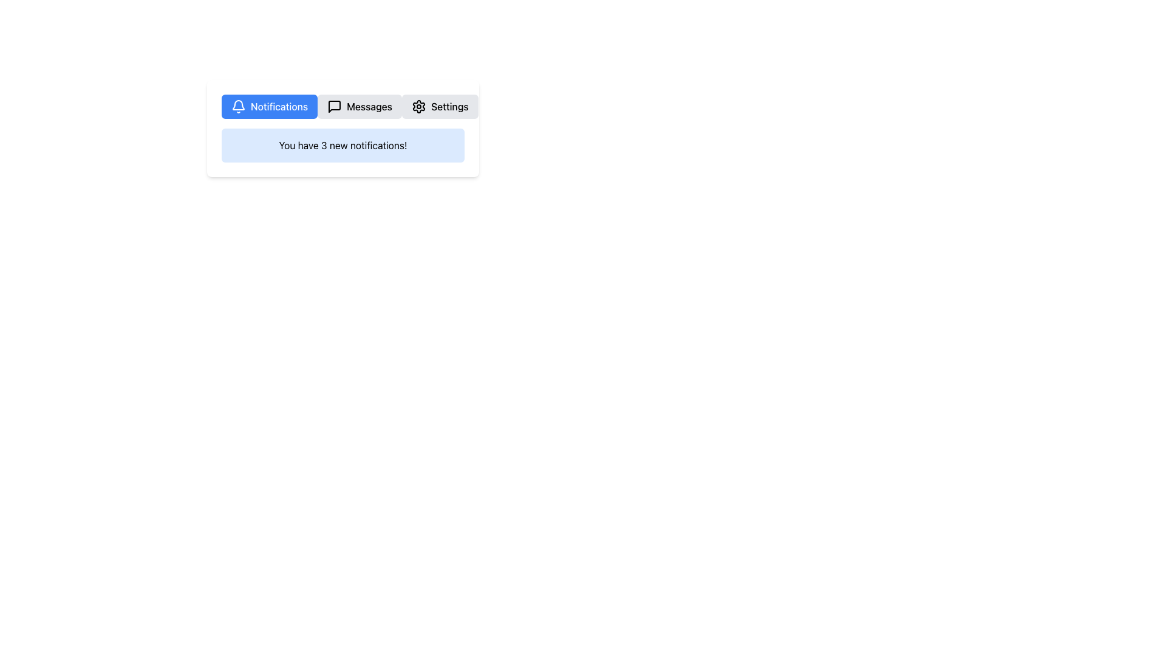  What do you see at coordinates (419, 106) in the screenshot?
I see `the settings icon located to the left of the 'Settings' label in the top-right section of the navigation bar` at bounding box center [419, 106].